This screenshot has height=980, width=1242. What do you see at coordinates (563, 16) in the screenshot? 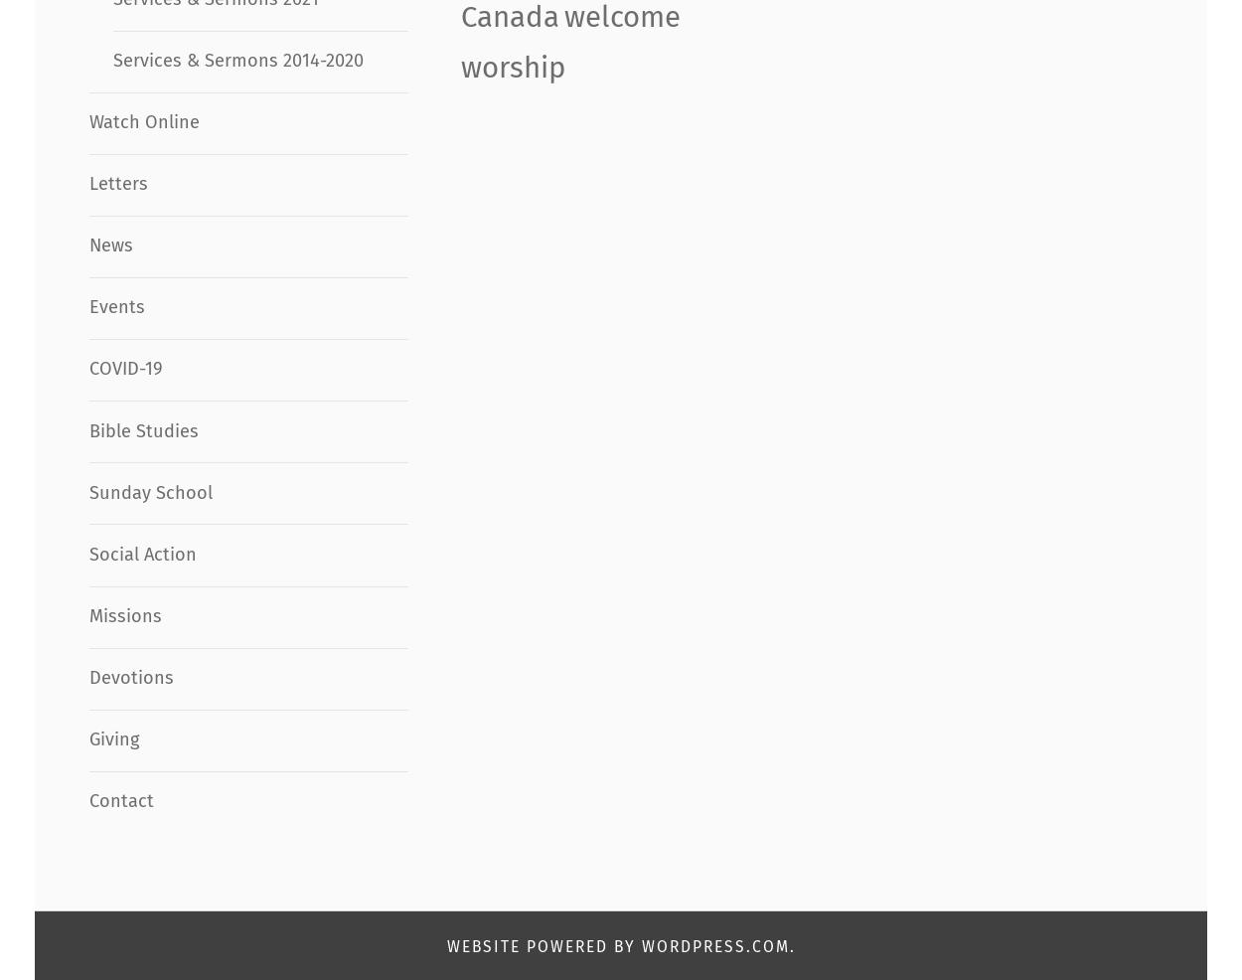
I see `'welcome'` at bounding box center [563, 16].